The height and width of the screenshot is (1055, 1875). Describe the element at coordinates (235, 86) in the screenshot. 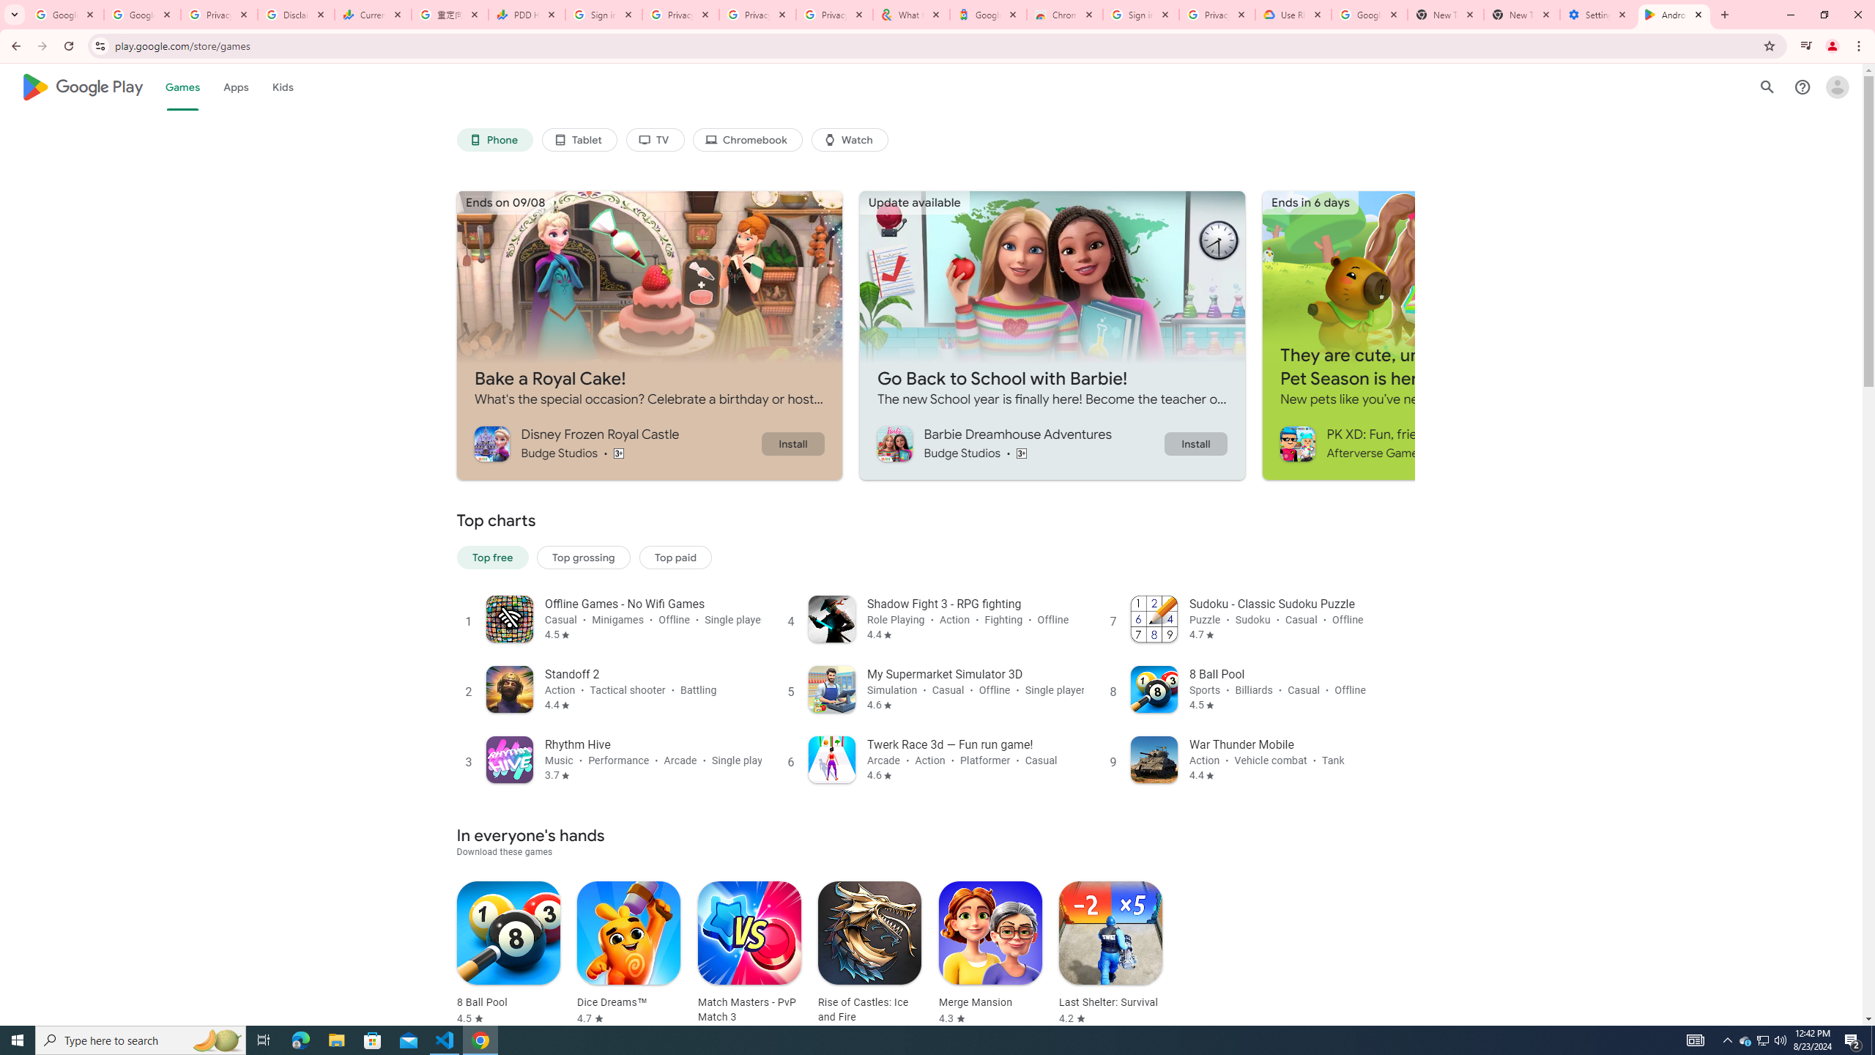

I see `'Apps'` at that location.